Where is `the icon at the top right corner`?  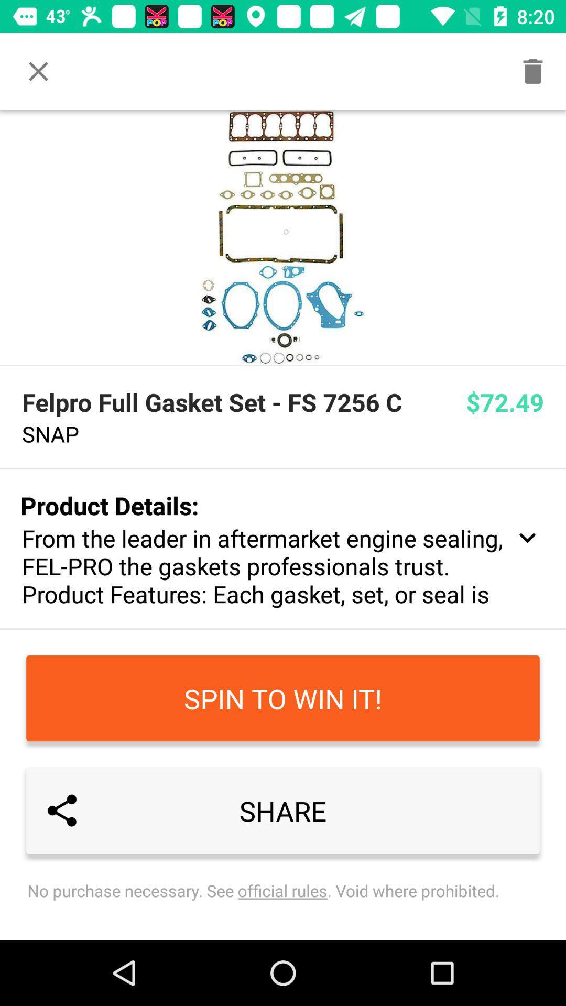 the icon at the top right corner is located at coordinates (533, 71).